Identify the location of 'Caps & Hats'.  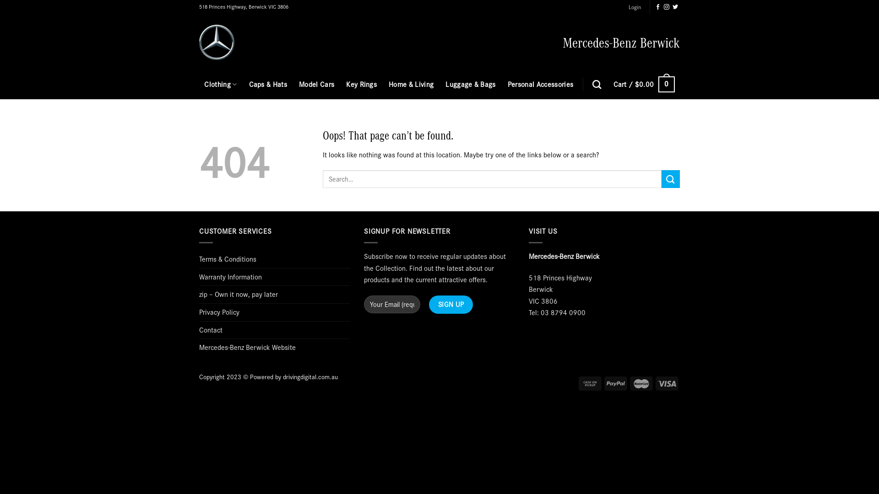
(249, 84).